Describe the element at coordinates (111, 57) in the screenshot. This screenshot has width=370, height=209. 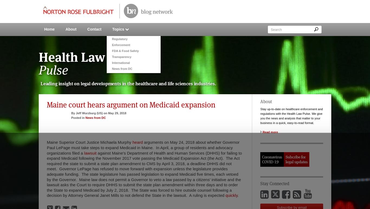
I see `'Transparency'` at that location.